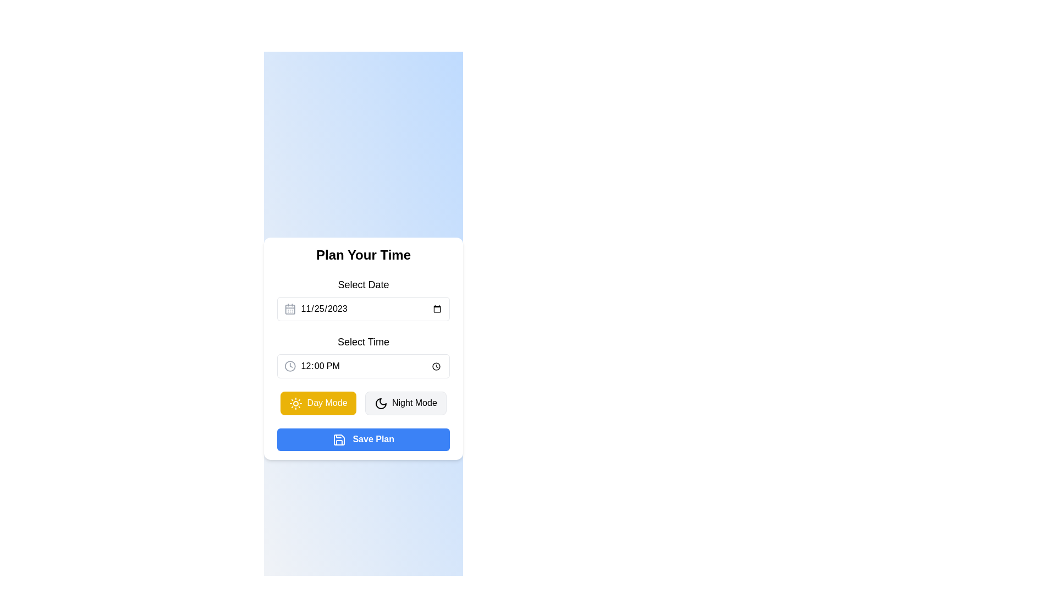 The image size is (1056, 594). What do you see at coordinates (290, 366) in the screenshot?
I see `the time-related icon located to the left of the text '12:00 PM'` at bounding box center [290, 366].